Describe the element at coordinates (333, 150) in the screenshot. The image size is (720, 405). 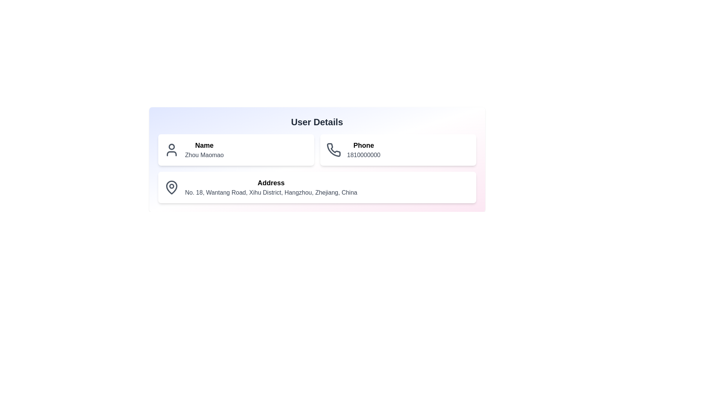
I see `the telephone receiver icon in the user contact information section, which is dark gray and located at the top center of the card displaying user phone information` at that location.